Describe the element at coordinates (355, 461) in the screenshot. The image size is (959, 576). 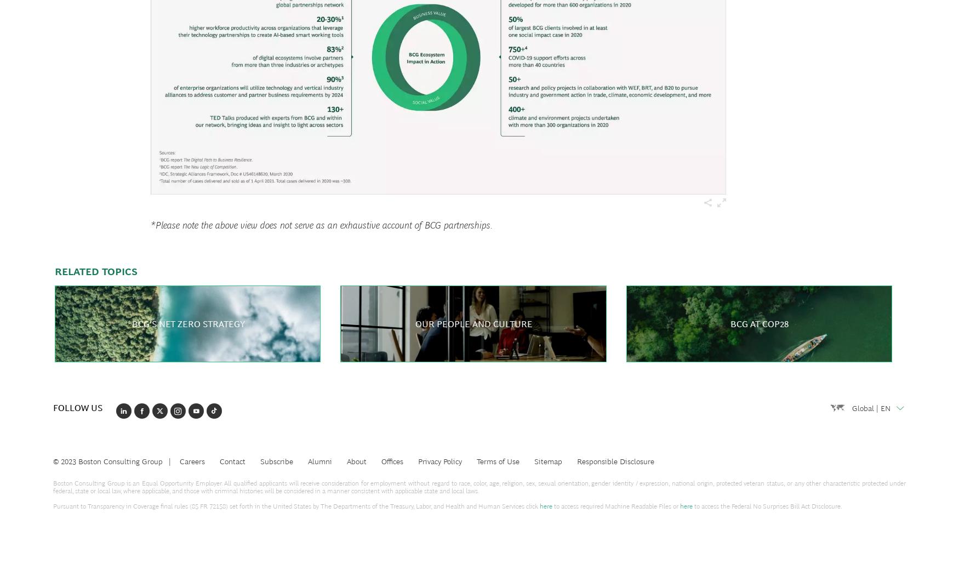
I see `'About'` at that location.